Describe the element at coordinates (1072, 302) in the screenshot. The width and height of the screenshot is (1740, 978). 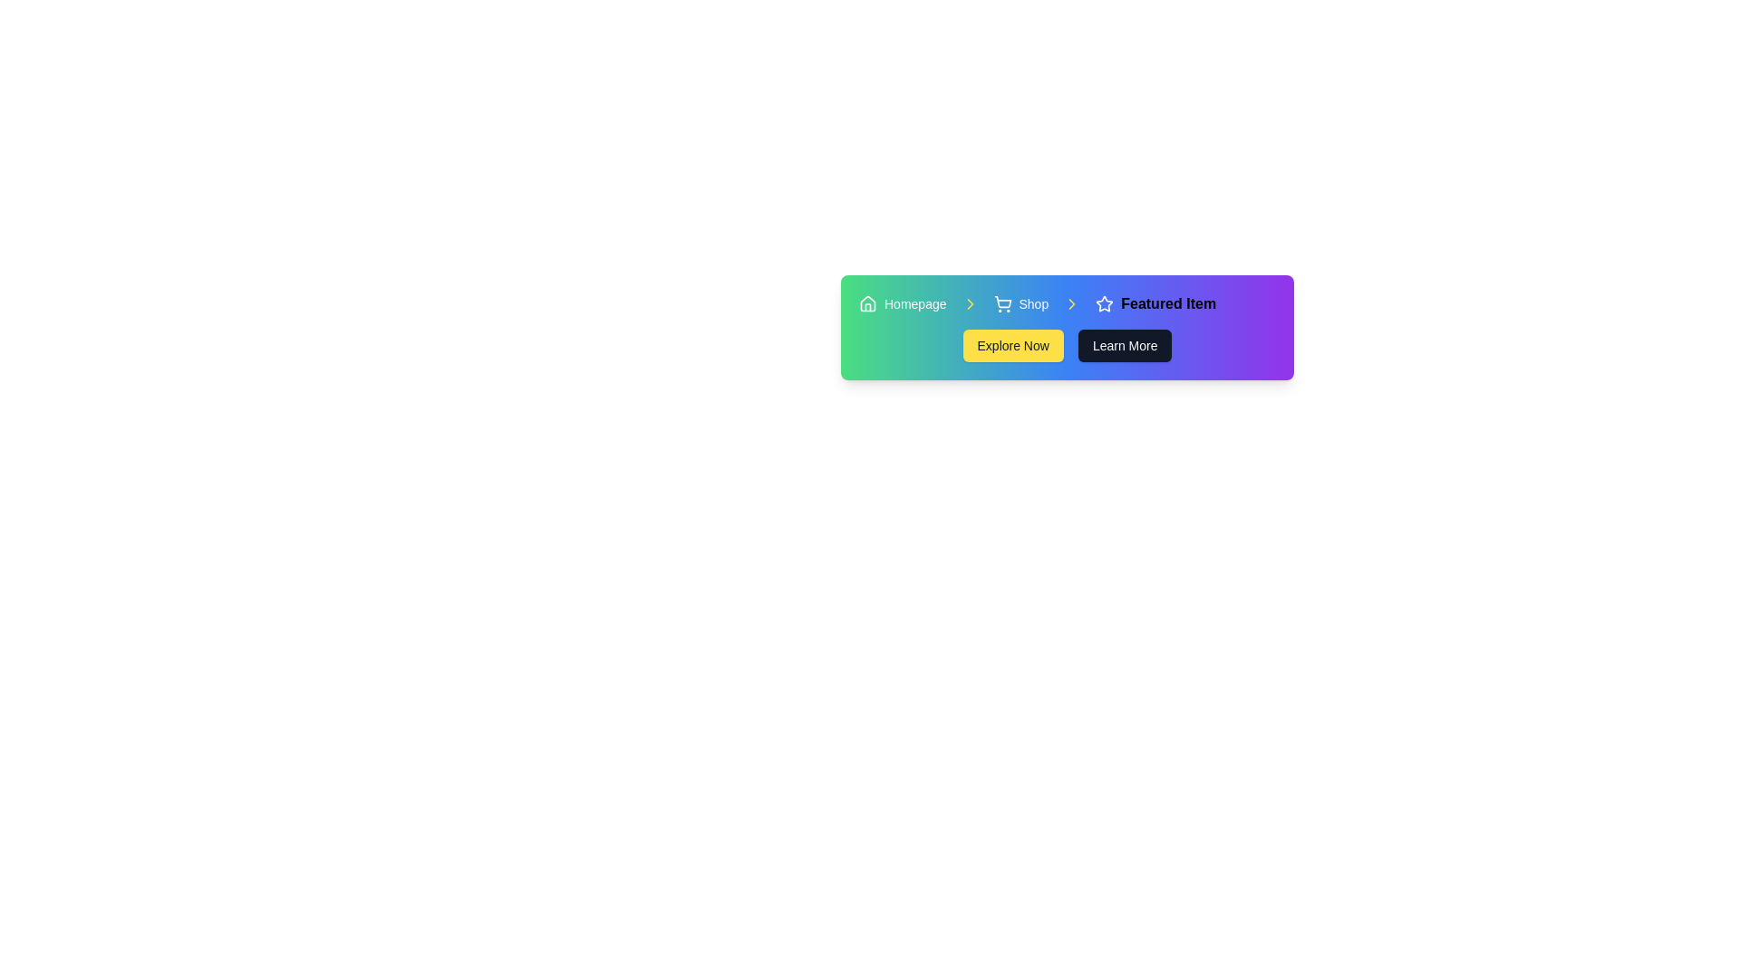
I see `the fifth icon in the breadcrumb navigation bar that serves as a separator or visual clue for navigation hierarchy` at that location.